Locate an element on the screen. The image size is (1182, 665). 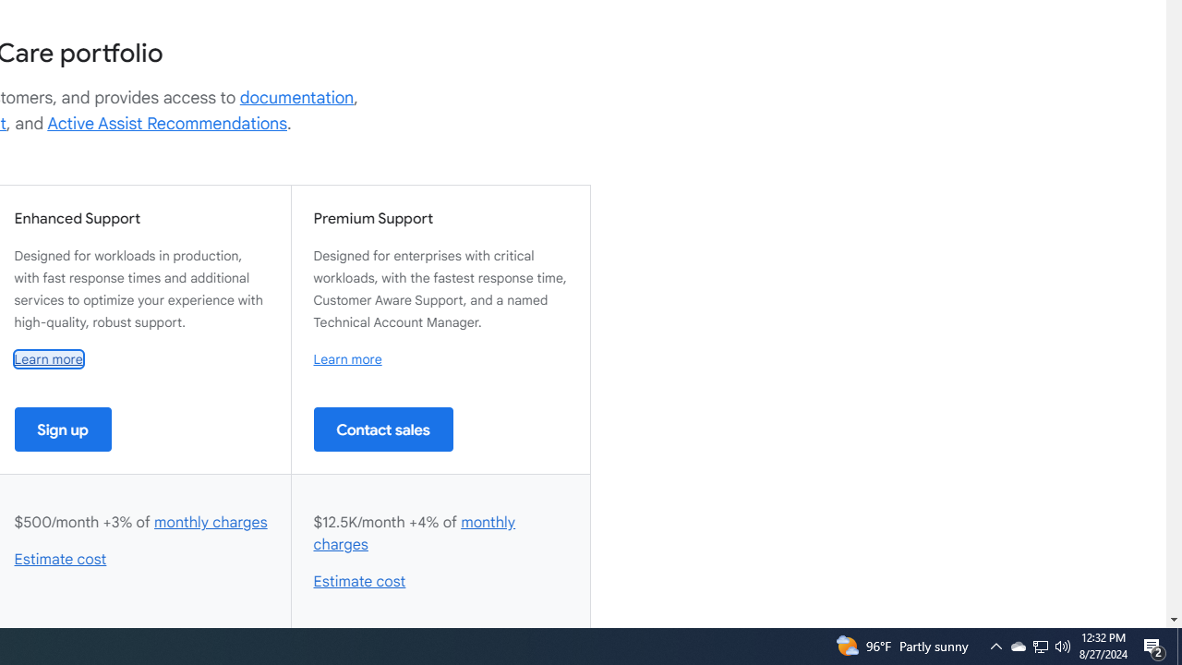
'Sign up' is located at coordinates (63, 429).